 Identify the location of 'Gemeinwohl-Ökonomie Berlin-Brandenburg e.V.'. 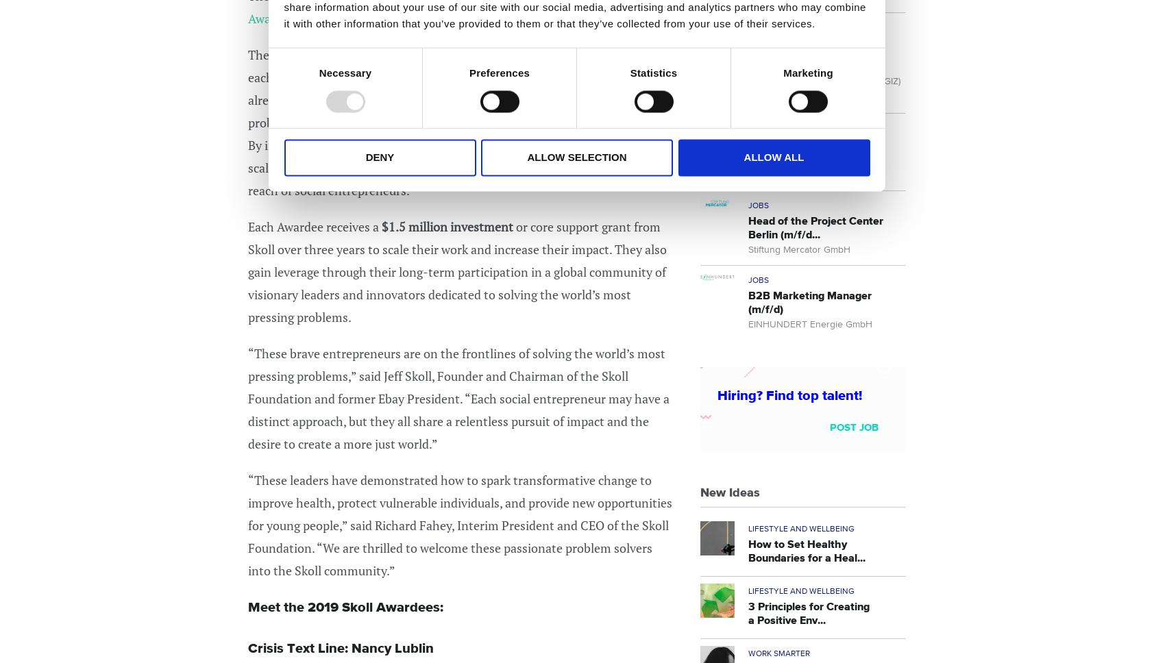
(748, 166).